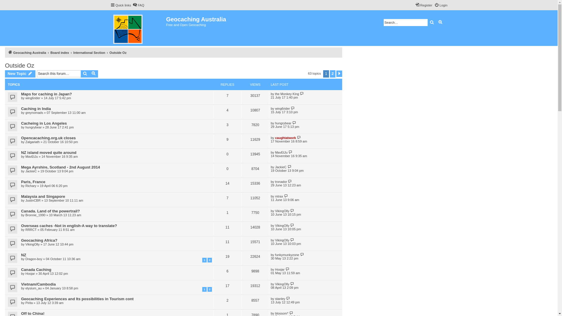 The height and width of the screenshot is (316, 562). What do you see at coordinates (20, 66) in the screenshot?
I see `'Outside Oz'` at bounding box center [20, 66].